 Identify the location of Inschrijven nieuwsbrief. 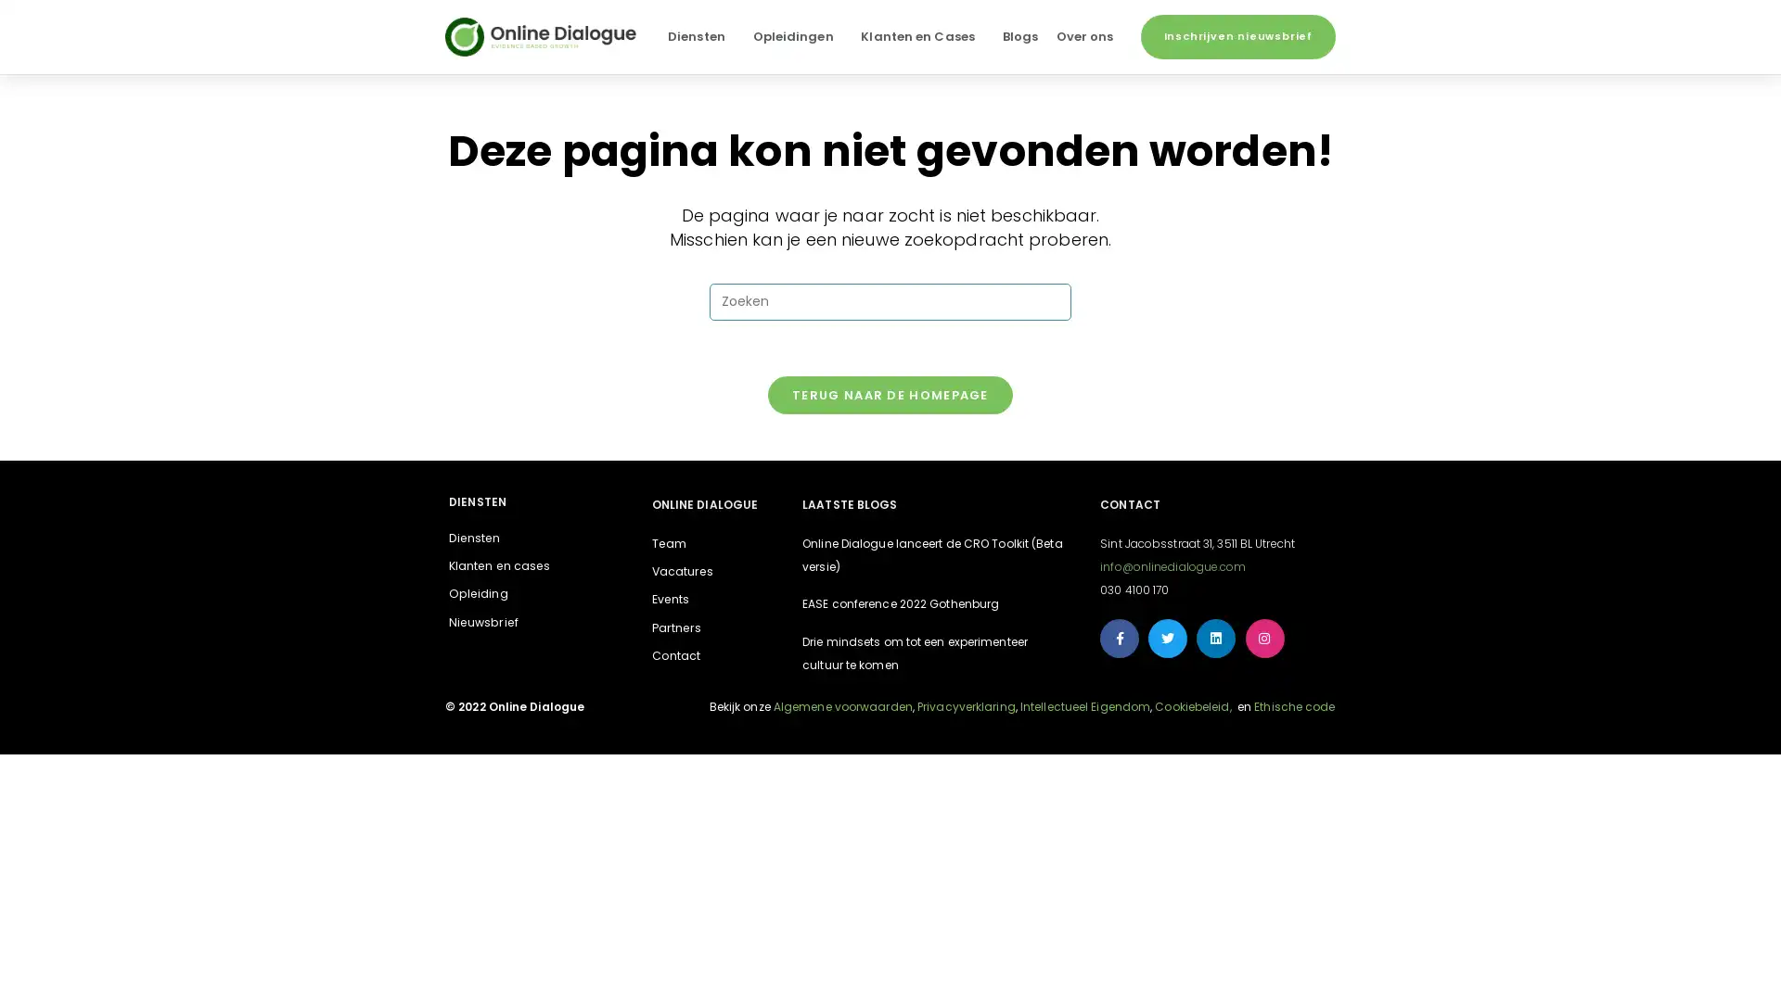
(1237, 36).